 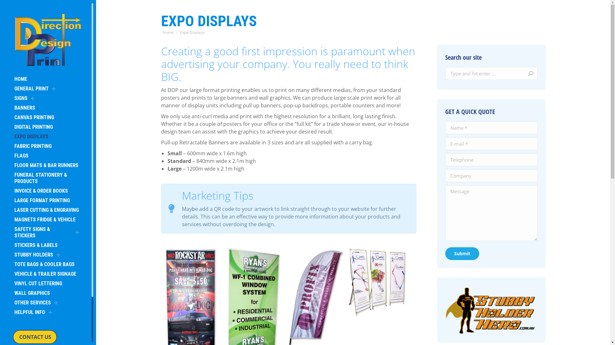 What do you see at coordinates (462, 253) in the screenshot?
I see `'Submit'` at bounding box center [462, 253].